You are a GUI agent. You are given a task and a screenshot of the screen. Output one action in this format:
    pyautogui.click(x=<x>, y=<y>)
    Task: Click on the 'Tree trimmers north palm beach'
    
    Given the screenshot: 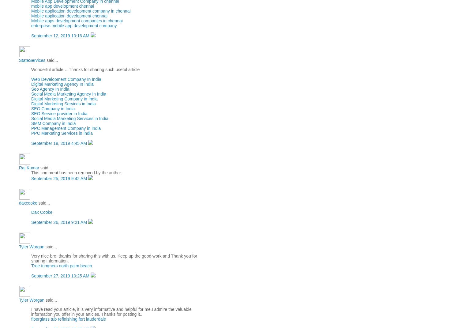 What is the action you would take?
    pyautogui.click(x=62, y=265)
    